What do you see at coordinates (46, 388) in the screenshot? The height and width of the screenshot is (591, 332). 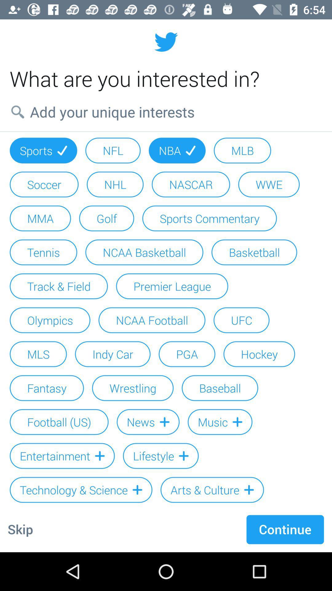 I see `icon below the mls` at bounding box center [46, 388].